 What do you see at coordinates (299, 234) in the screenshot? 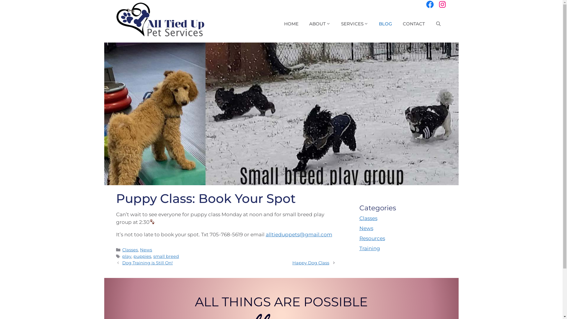
I see `'alltieduppets@gmail.com'` at bounding box center [299, 234].